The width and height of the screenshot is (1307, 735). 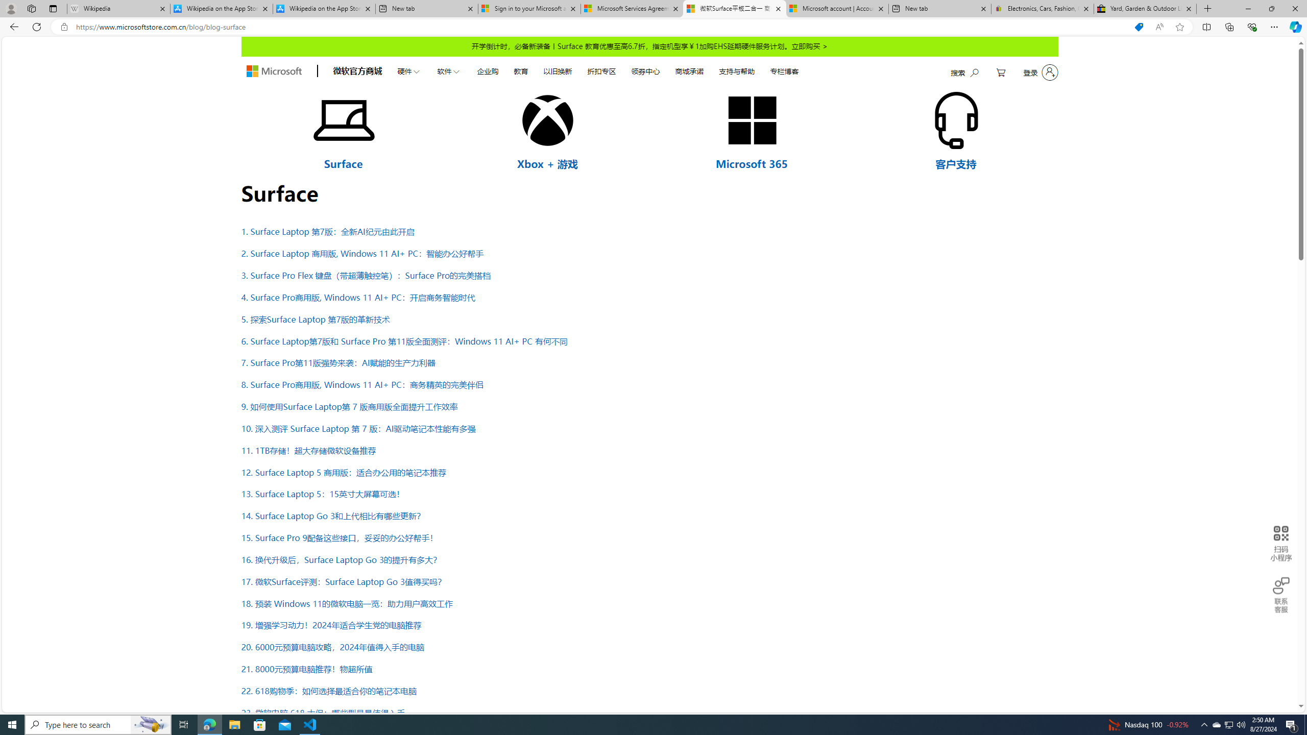 What do you see at coordinates (1159, 27) in the screenshot?
I see `'Read aloud this page (Ctrl+Shift+U)'` at bounding box center [1159, 27].